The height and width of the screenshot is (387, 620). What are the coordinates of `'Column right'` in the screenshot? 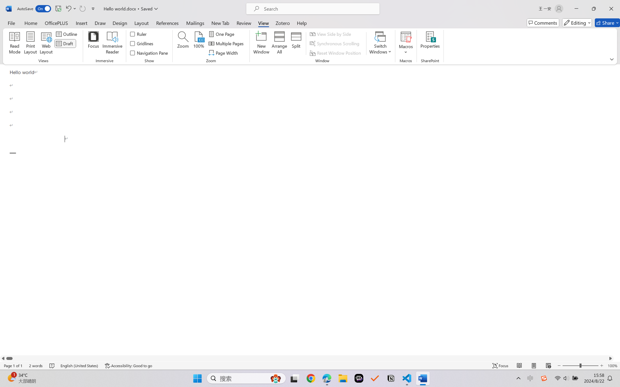 It's located at (611, 358).